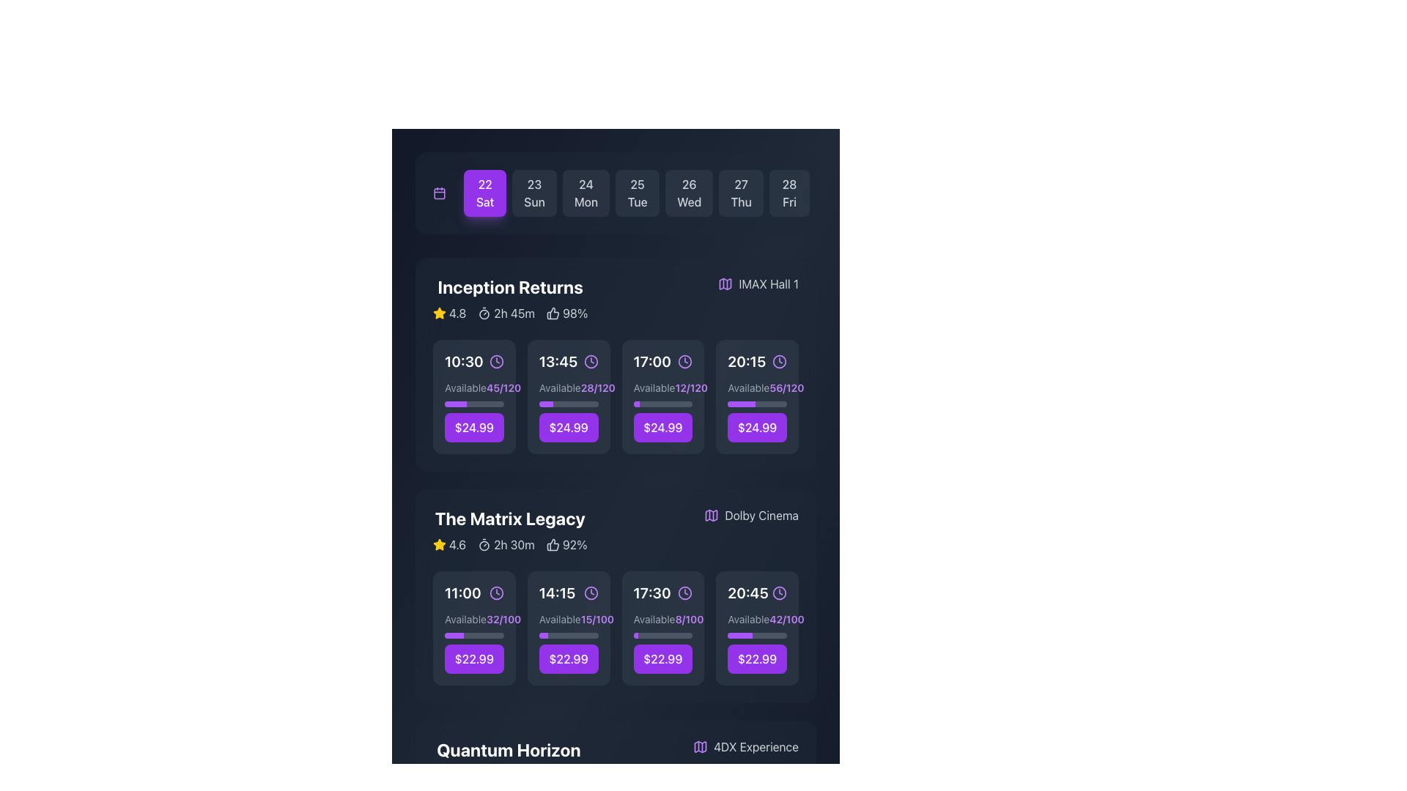  Describe the element at coordinates (474, 412) in the screenshot. I see `the composite UI component displaying the 10:30 movie showtime for 'Inception Returns'` at that location.